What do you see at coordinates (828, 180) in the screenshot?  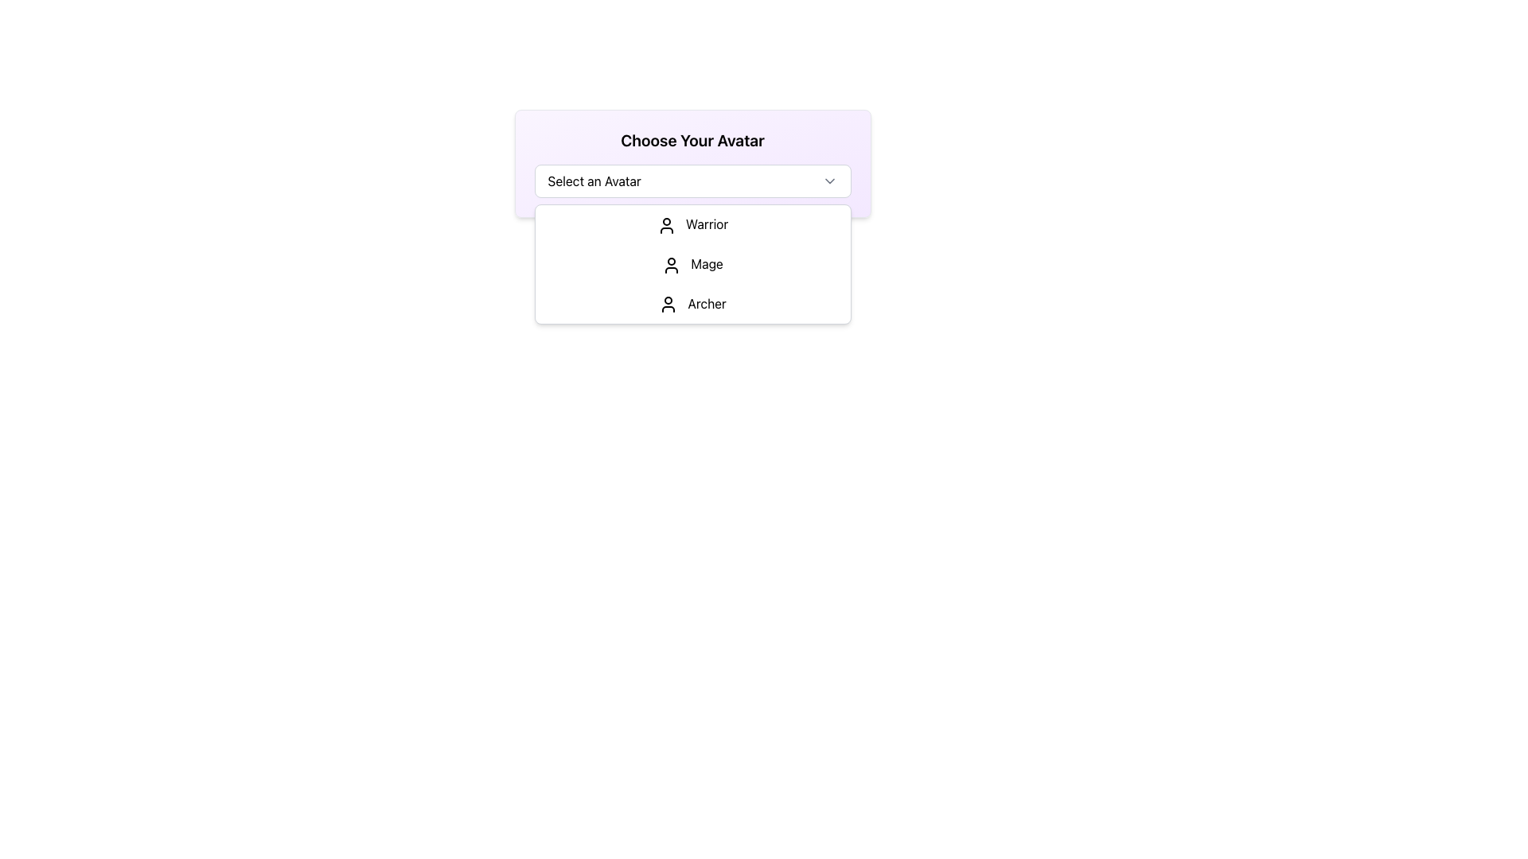 I see `the arrow icon located to the far right of the 'Select an Avatar' button` at bounding box center [828, 180].